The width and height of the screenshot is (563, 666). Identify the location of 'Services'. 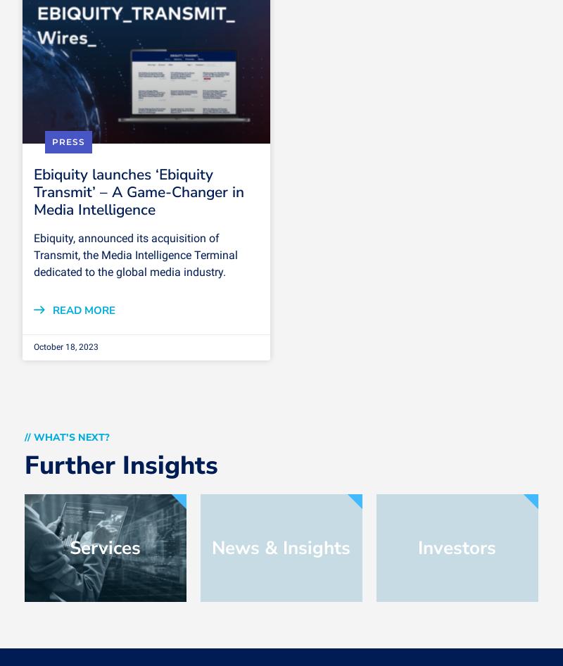
(105, 546).